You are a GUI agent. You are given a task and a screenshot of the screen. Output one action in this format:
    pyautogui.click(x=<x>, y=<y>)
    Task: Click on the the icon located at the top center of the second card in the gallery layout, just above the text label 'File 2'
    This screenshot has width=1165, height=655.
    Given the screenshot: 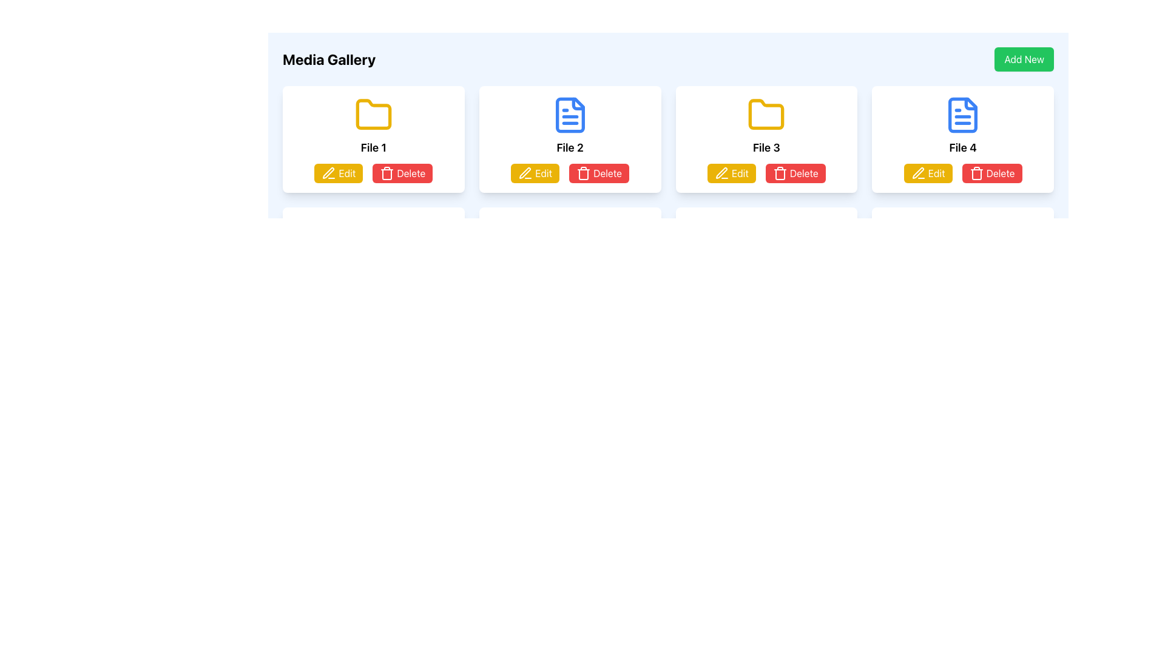 What is the action you would take?
    pyautogui.click(x=569, y=115)
    